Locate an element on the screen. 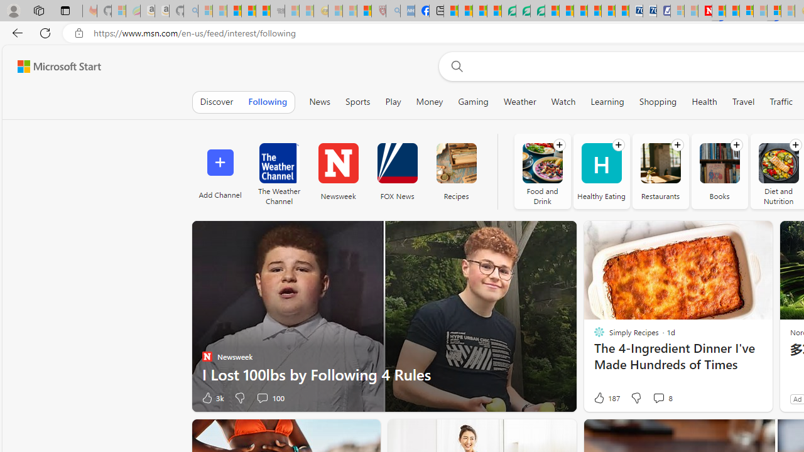  'FOX News' is located at coordinates (396, 171).